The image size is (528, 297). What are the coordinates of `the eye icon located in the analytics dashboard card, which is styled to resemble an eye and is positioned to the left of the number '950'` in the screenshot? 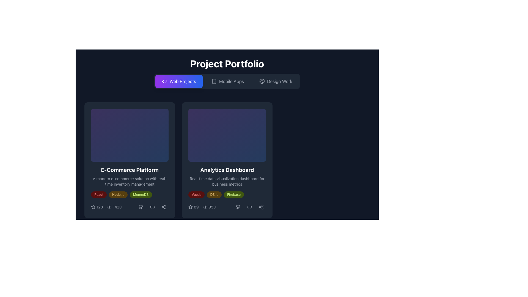 It's located at (205, 207).